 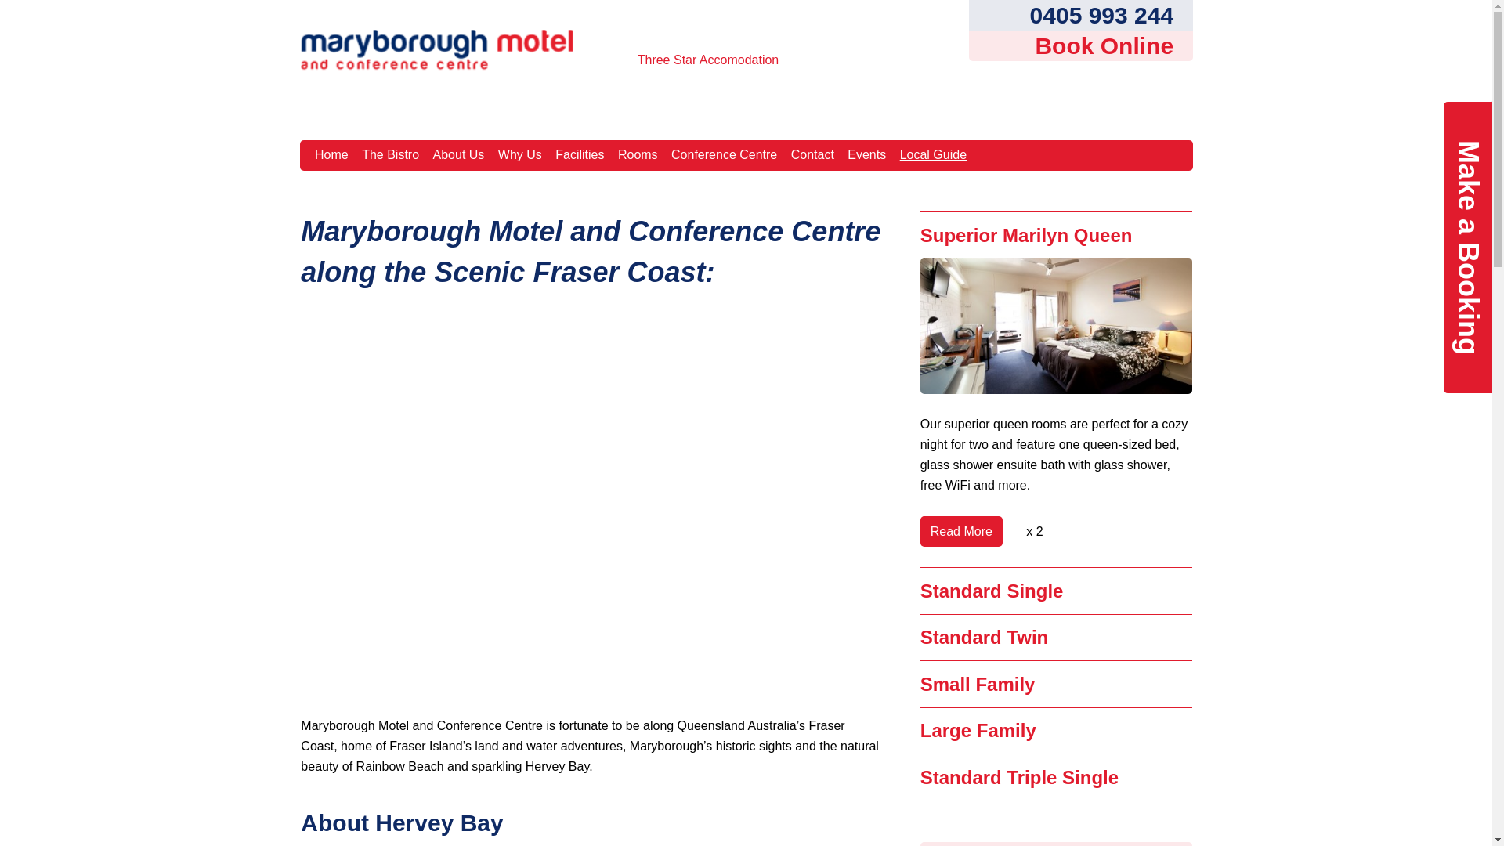 What do you see at coordinates (457, 155) in the screenshot?
I see `'About Us'` at bounding box center [457, 155].